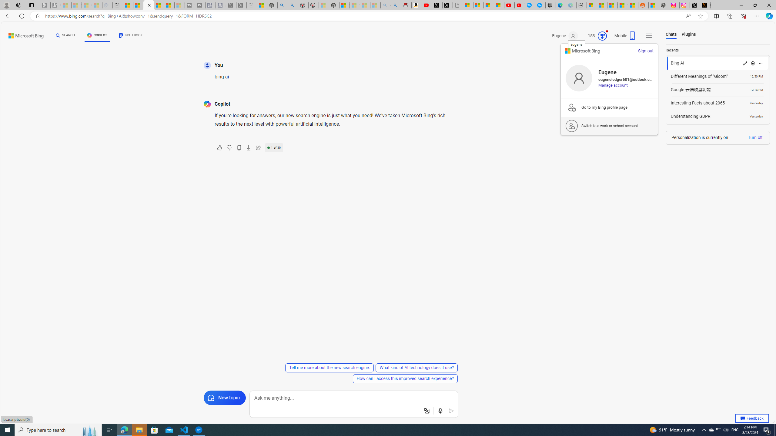 The width and height of the screenshot is (776, 436). I want to click on 'Plugins', so click(688, 35).